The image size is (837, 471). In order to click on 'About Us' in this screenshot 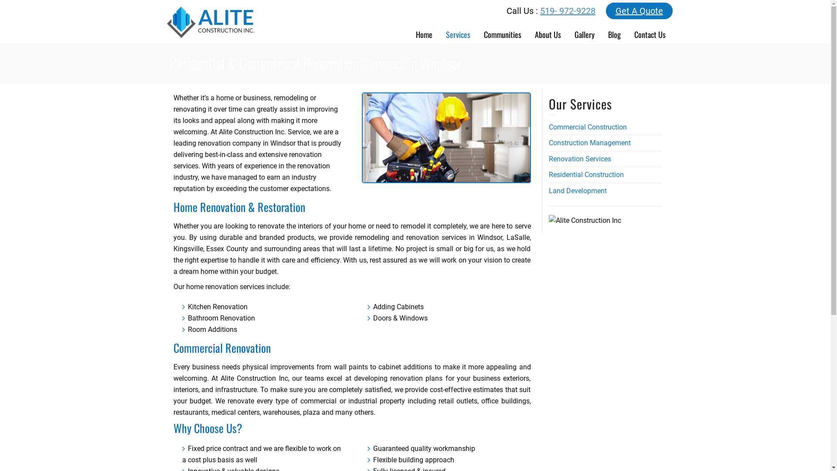, I will do `click(548, 31)`.